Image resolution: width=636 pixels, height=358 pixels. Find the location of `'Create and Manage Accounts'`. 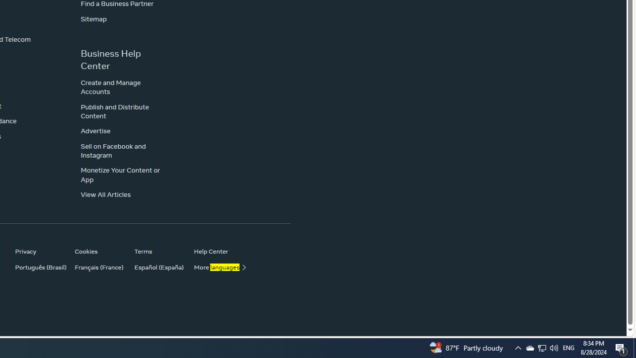

'Create and Manage Accounts' is located at coordinates (111, 86).